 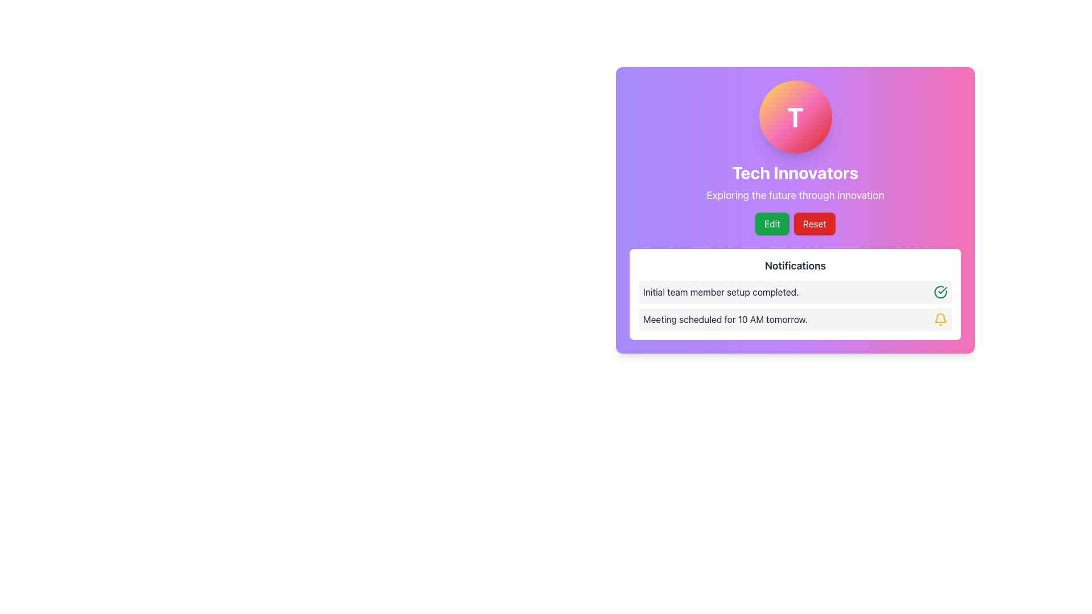 I want to click on the text label that says 'Exploring the future through innovation', which has a purple-to-pink gradient background and is located below the header 'Tech Innovators', so click(x=795, y=194).